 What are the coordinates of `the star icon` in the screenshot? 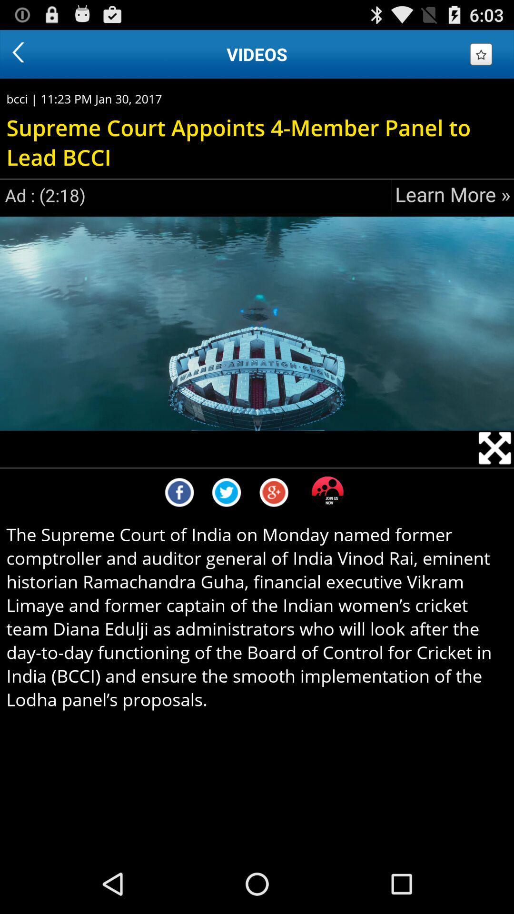 It's located at (479, 57).